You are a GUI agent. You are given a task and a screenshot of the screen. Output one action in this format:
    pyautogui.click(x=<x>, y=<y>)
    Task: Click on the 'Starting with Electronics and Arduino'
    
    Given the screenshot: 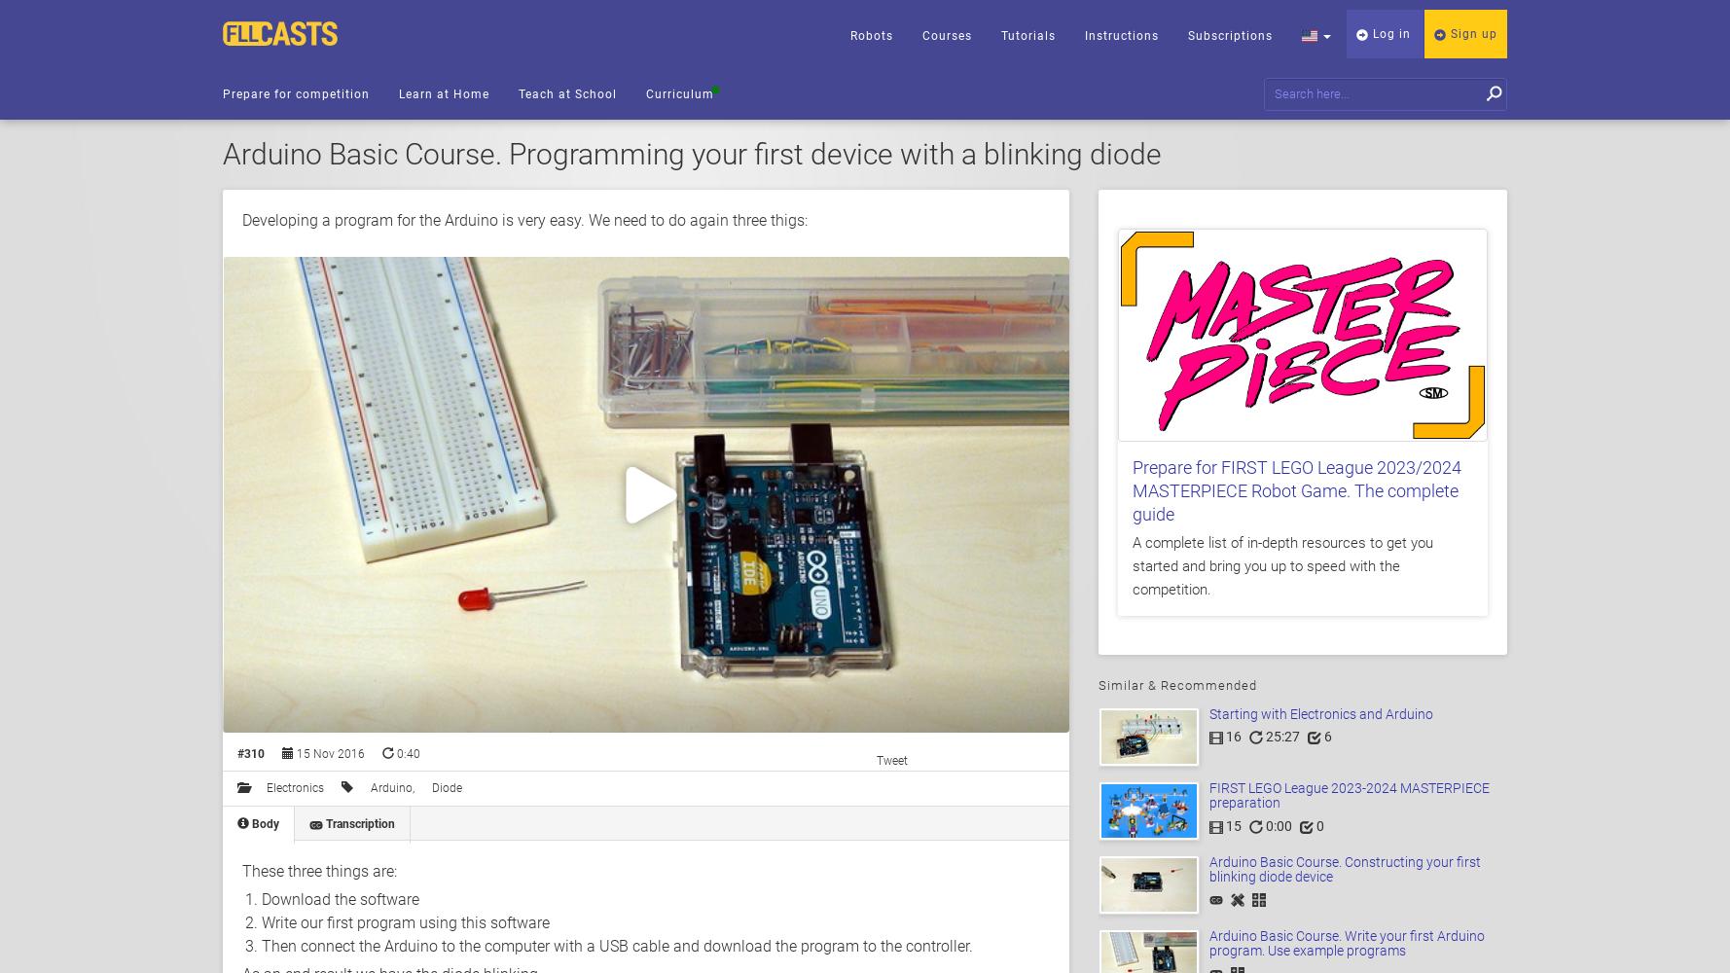 What is the action you would take?
    pyautogui.click(x=1320, y=713)
    